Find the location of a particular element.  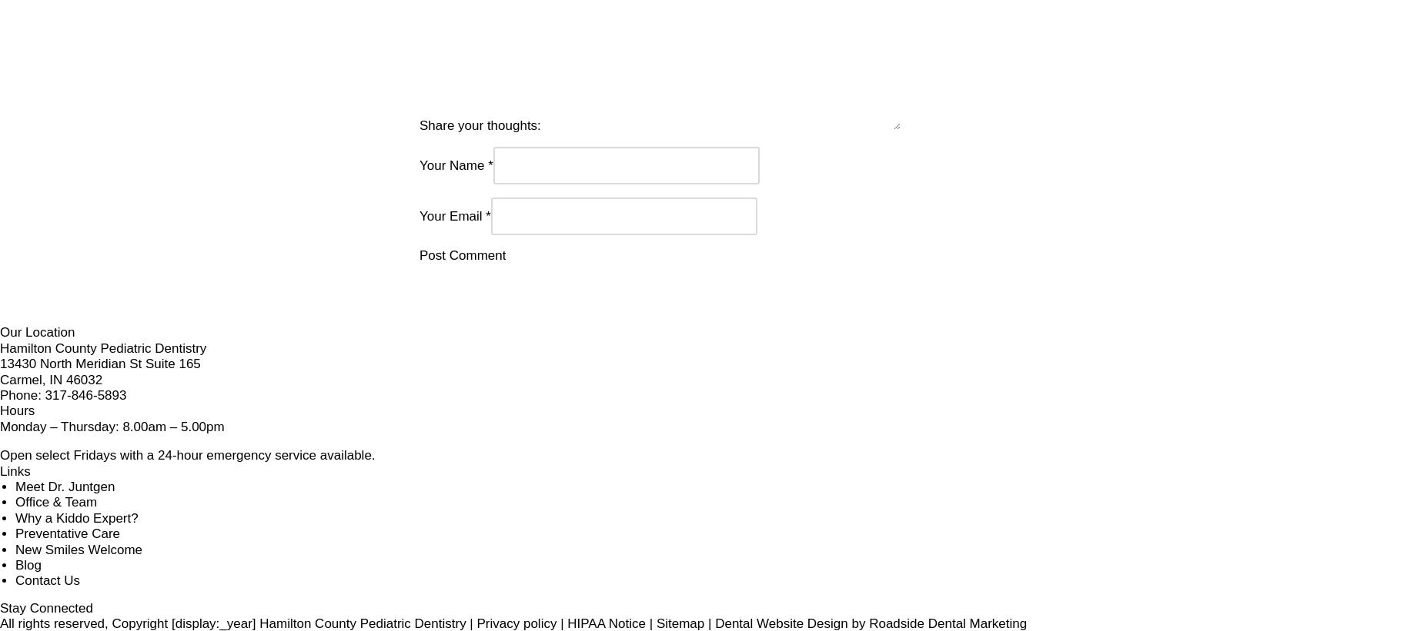

'Links' is located at coordinates (747, 447).